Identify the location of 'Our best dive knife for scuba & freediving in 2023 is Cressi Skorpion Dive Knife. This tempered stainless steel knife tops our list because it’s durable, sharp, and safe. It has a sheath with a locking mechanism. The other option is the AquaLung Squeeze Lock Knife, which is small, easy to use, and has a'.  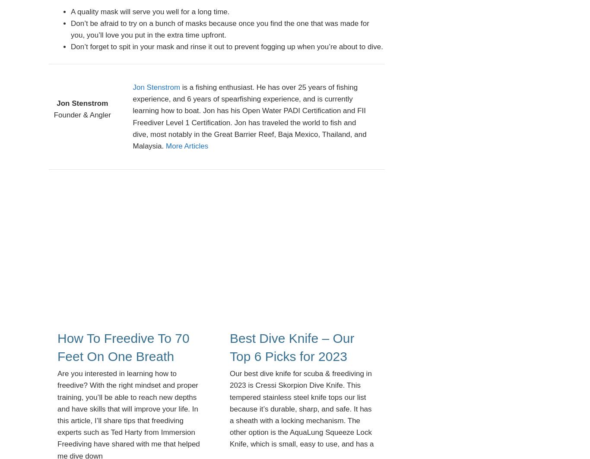
(301, 408).